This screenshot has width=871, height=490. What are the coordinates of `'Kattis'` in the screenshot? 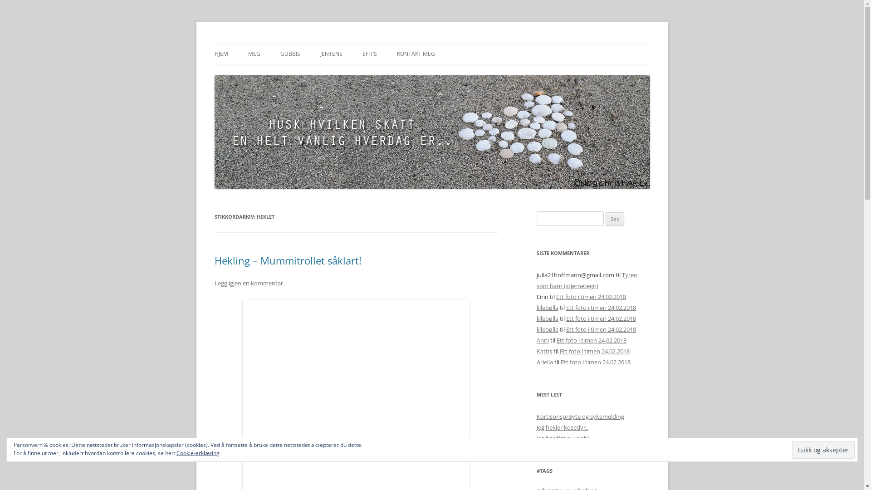 It's located at (536, 351).